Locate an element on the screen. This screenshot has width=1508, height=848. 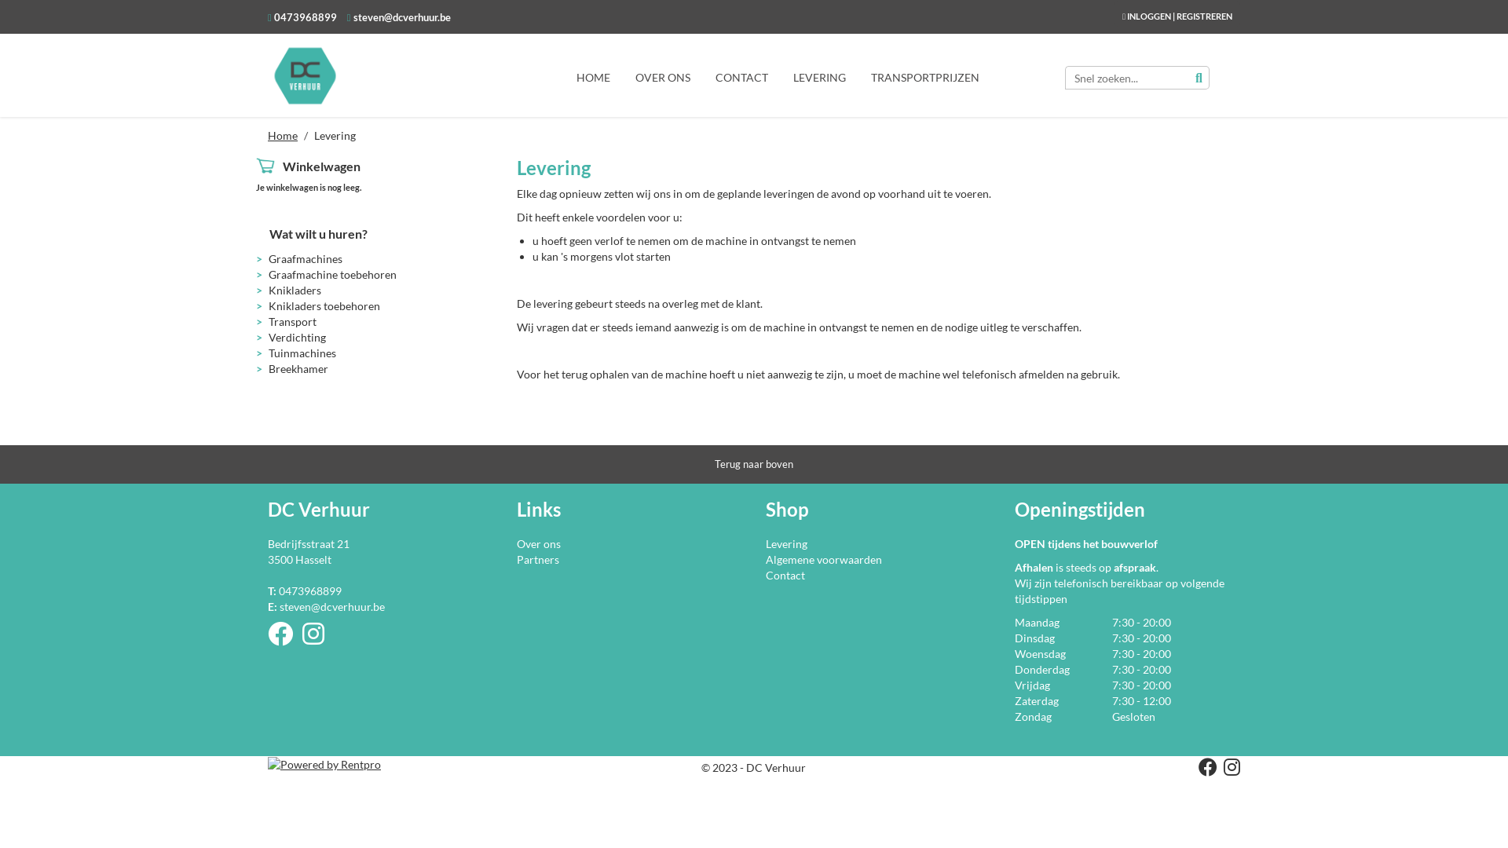
'REGISTREREN' is located at coordinates (1203, 16).